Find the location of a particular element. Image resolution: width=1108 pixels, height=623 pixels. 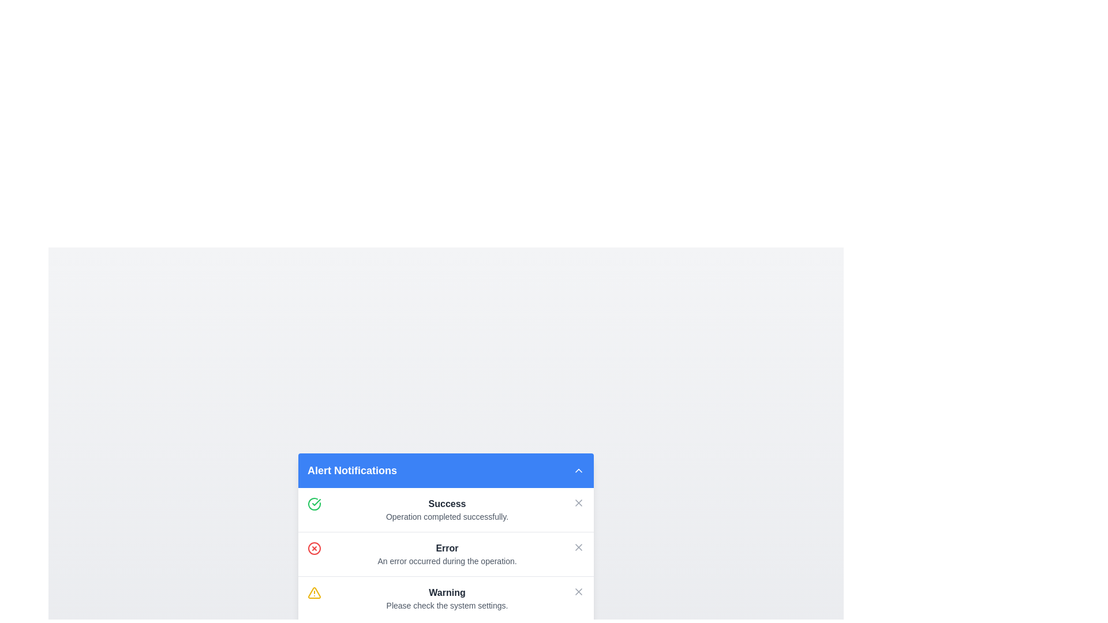

the 'X' button is located at coordinates (579, 546).